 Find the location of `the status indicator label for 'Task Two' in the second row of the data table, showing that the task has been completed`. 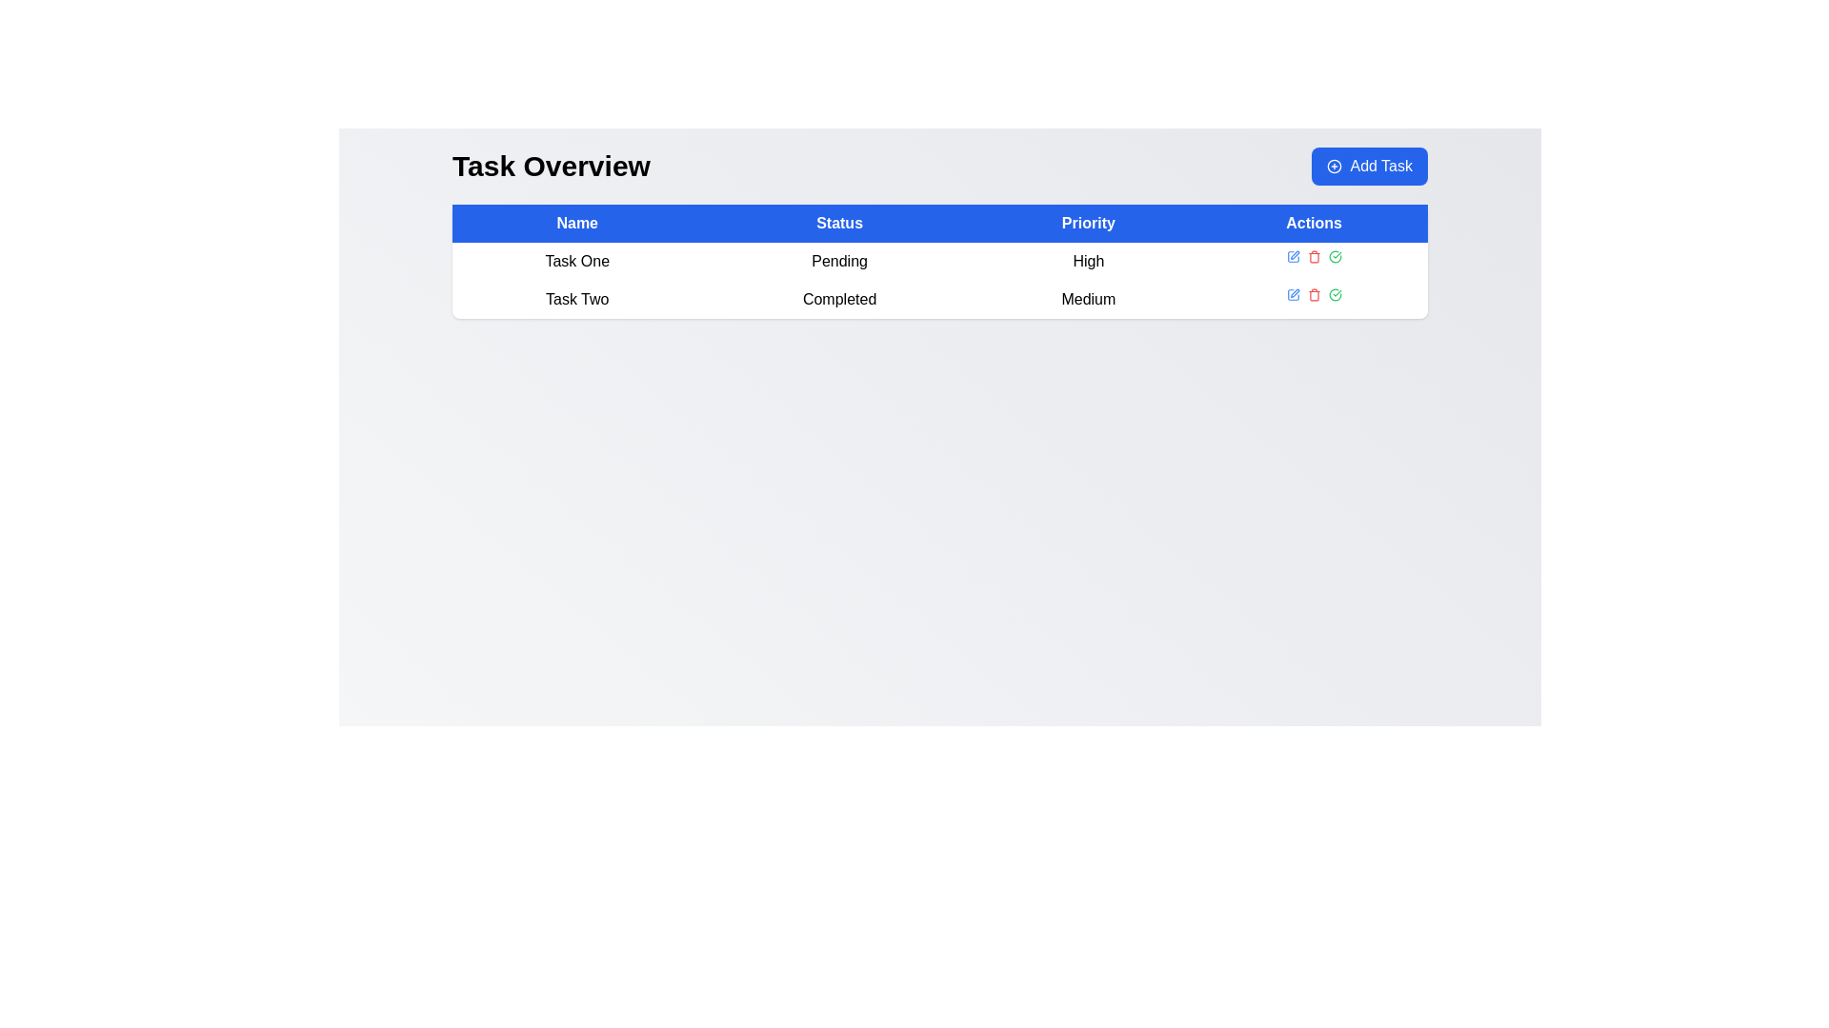

the status indicator label for 'Task Two' in the second row of the data table, showing that the task has been completed is located at coordinates (838, 300).